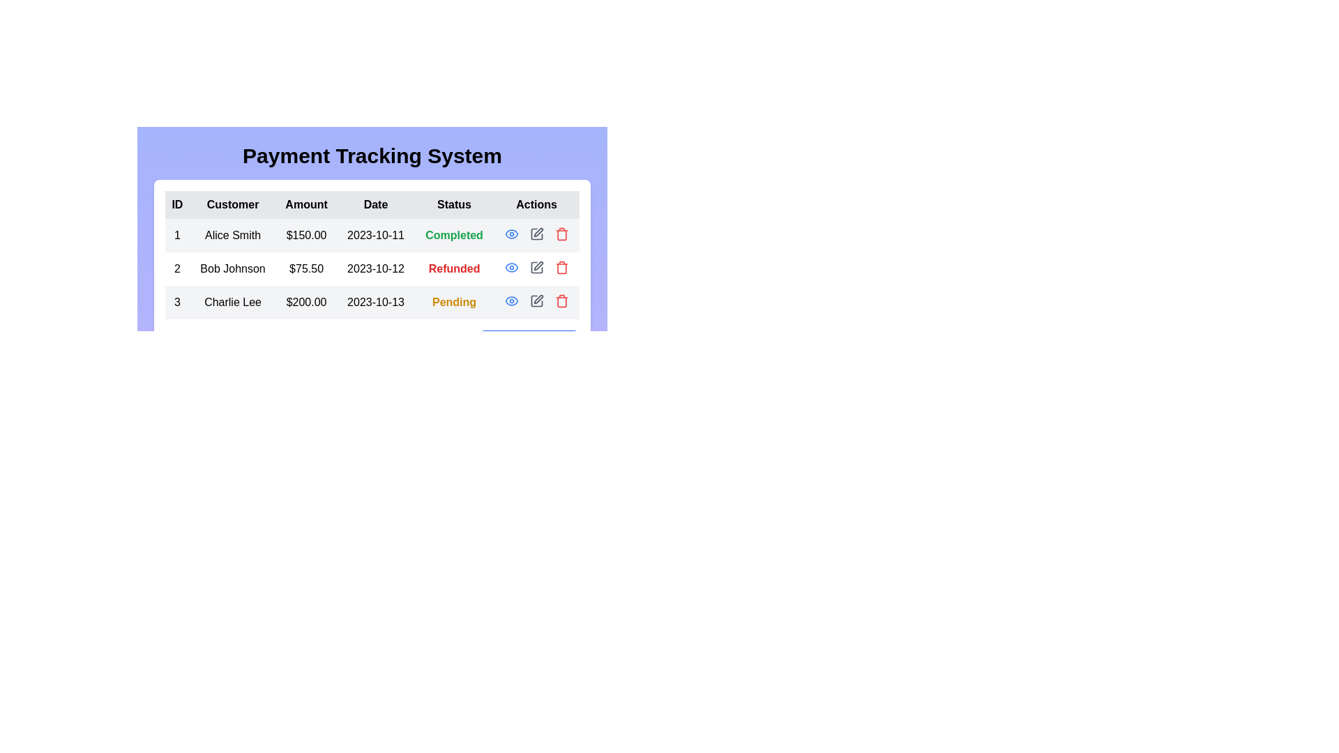 Image resolution: width=1339 pixels, height=753 pixels. What do you see at coordinates (176, 204) in the screenshot?
I see `the static text label element containing the word 'ID', which is part of the header row in a data table` at bounding box center [176, 204].